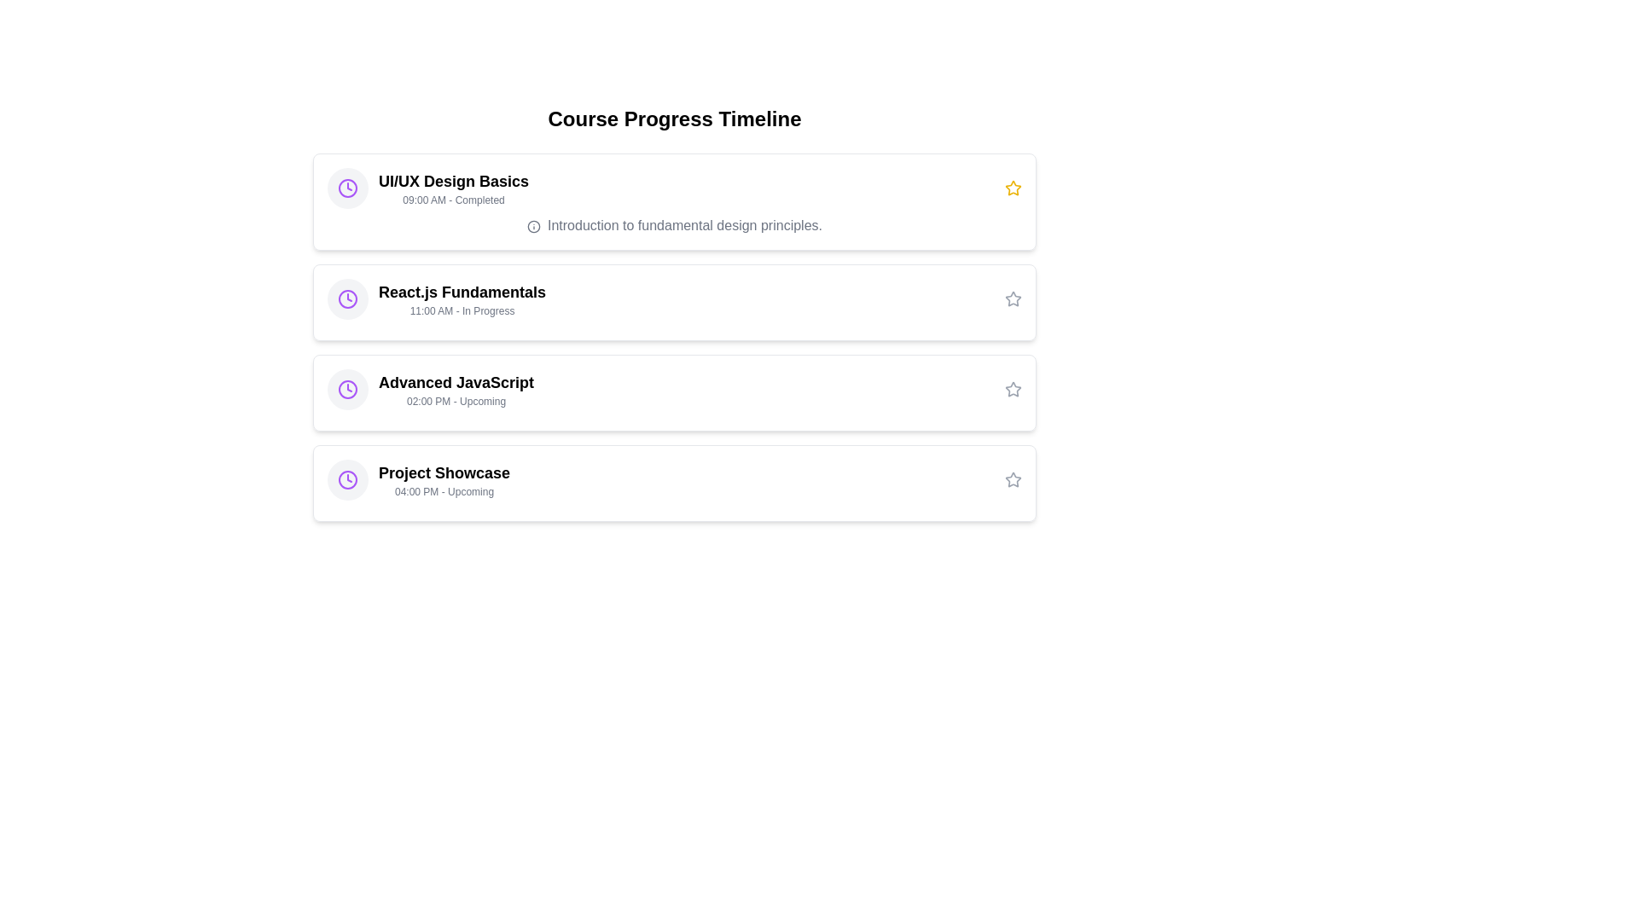  Describe the element at coordinates (444, 480) in the screenshot. I see `the text label displaying 'Project Showcase' and '04:00 PM - Upcoming', which is the fourth element in the vertical list under 'Course Progress Timeline'` at that location.